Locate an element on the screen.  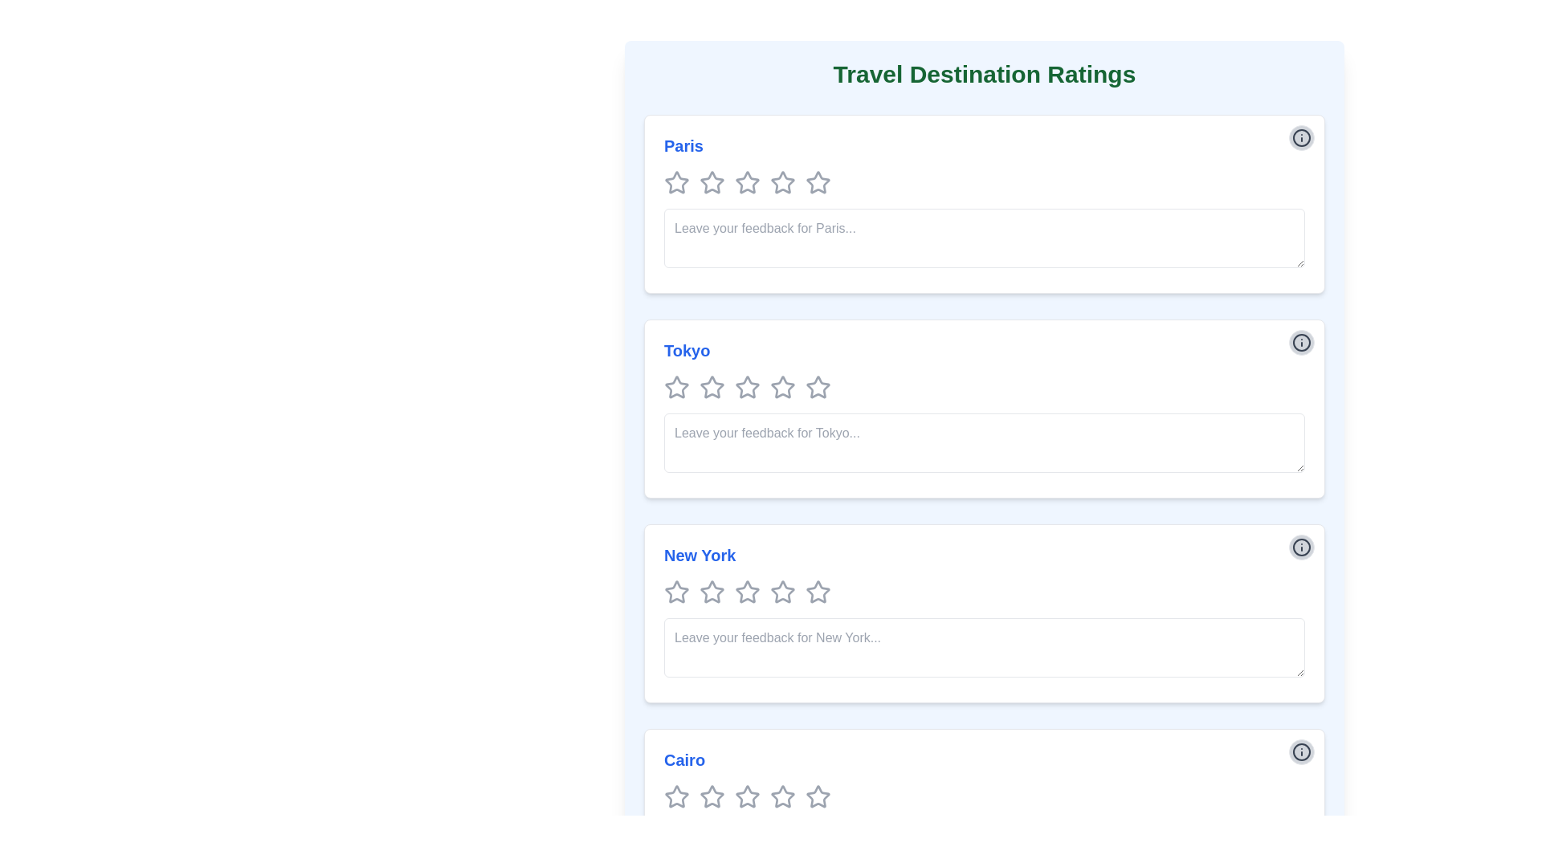
the hollow star icon with a gray border in the second row of the 'Tokyo' ratings to set a rating of 2 is located at coordinates (747, 387).